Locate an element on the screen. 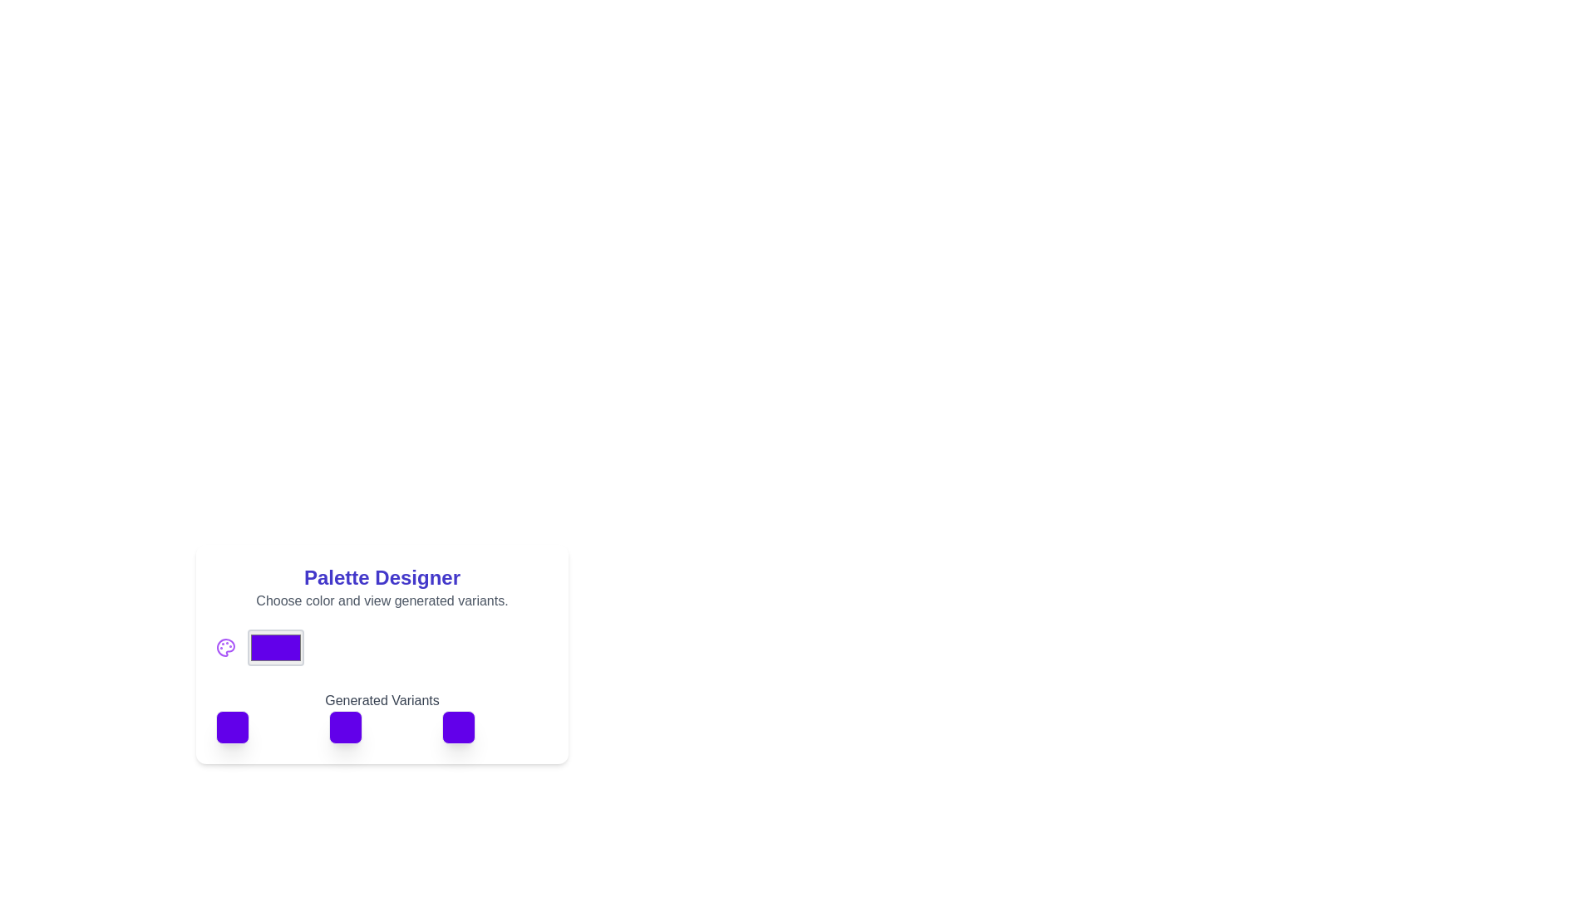 This screenshot has height=897, width=1596. the icon representing the palette or design tool located in the 'Palette Designer' area, positioned to the left of the color preview indicator is located at coordinates (225, 646).